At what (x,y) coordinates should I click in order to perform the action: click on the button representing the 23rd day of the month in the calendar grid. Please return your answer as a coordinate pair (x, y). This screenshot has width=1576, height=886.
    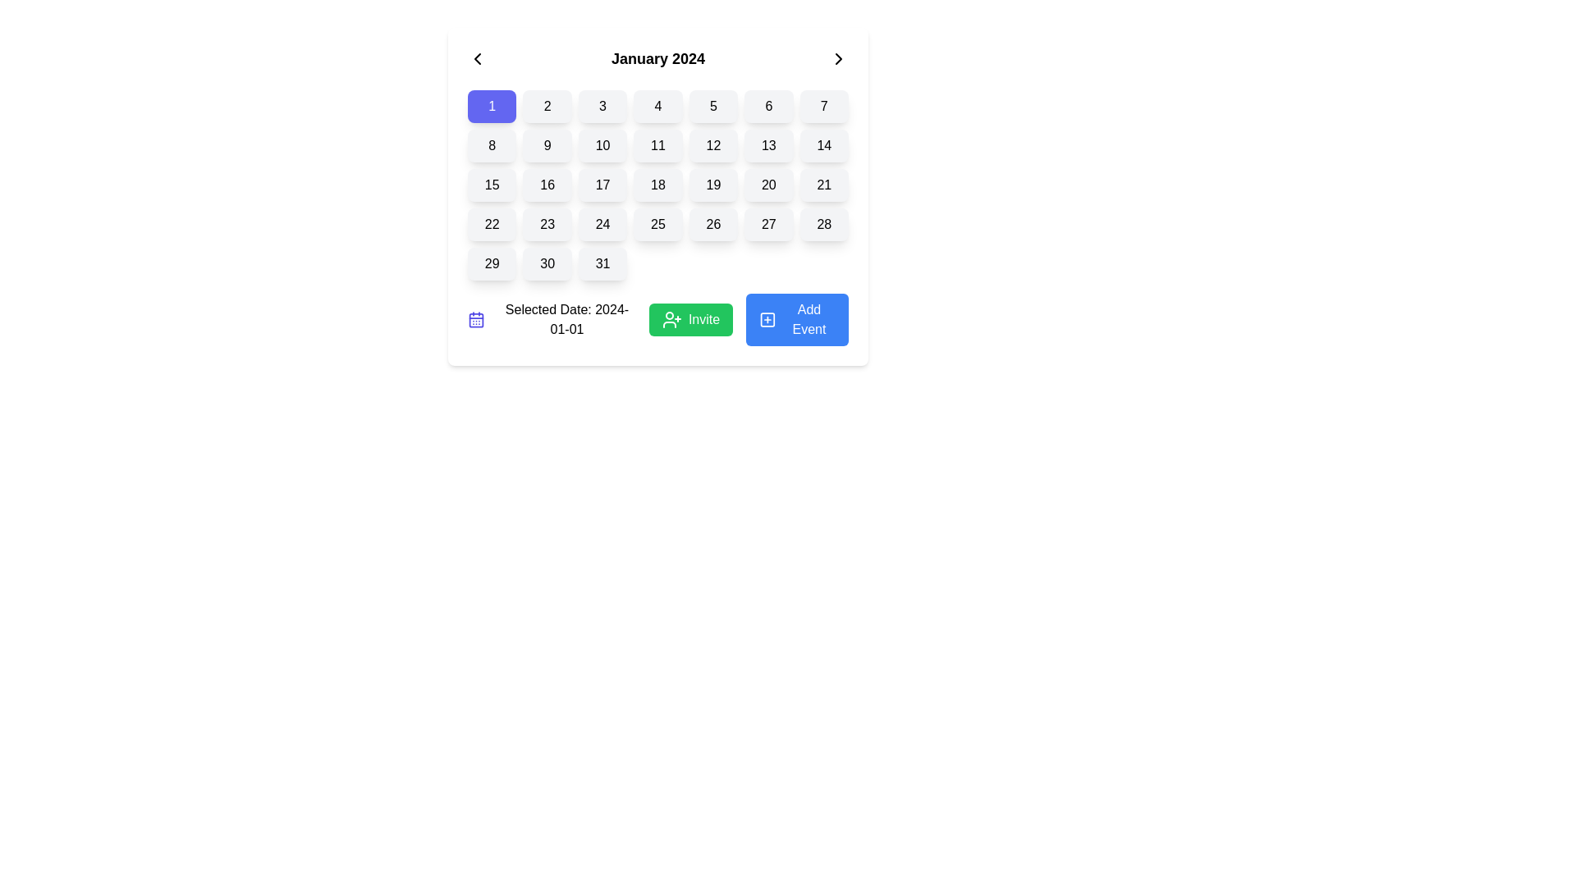
    Looking at the image, I should click on (547, 224).